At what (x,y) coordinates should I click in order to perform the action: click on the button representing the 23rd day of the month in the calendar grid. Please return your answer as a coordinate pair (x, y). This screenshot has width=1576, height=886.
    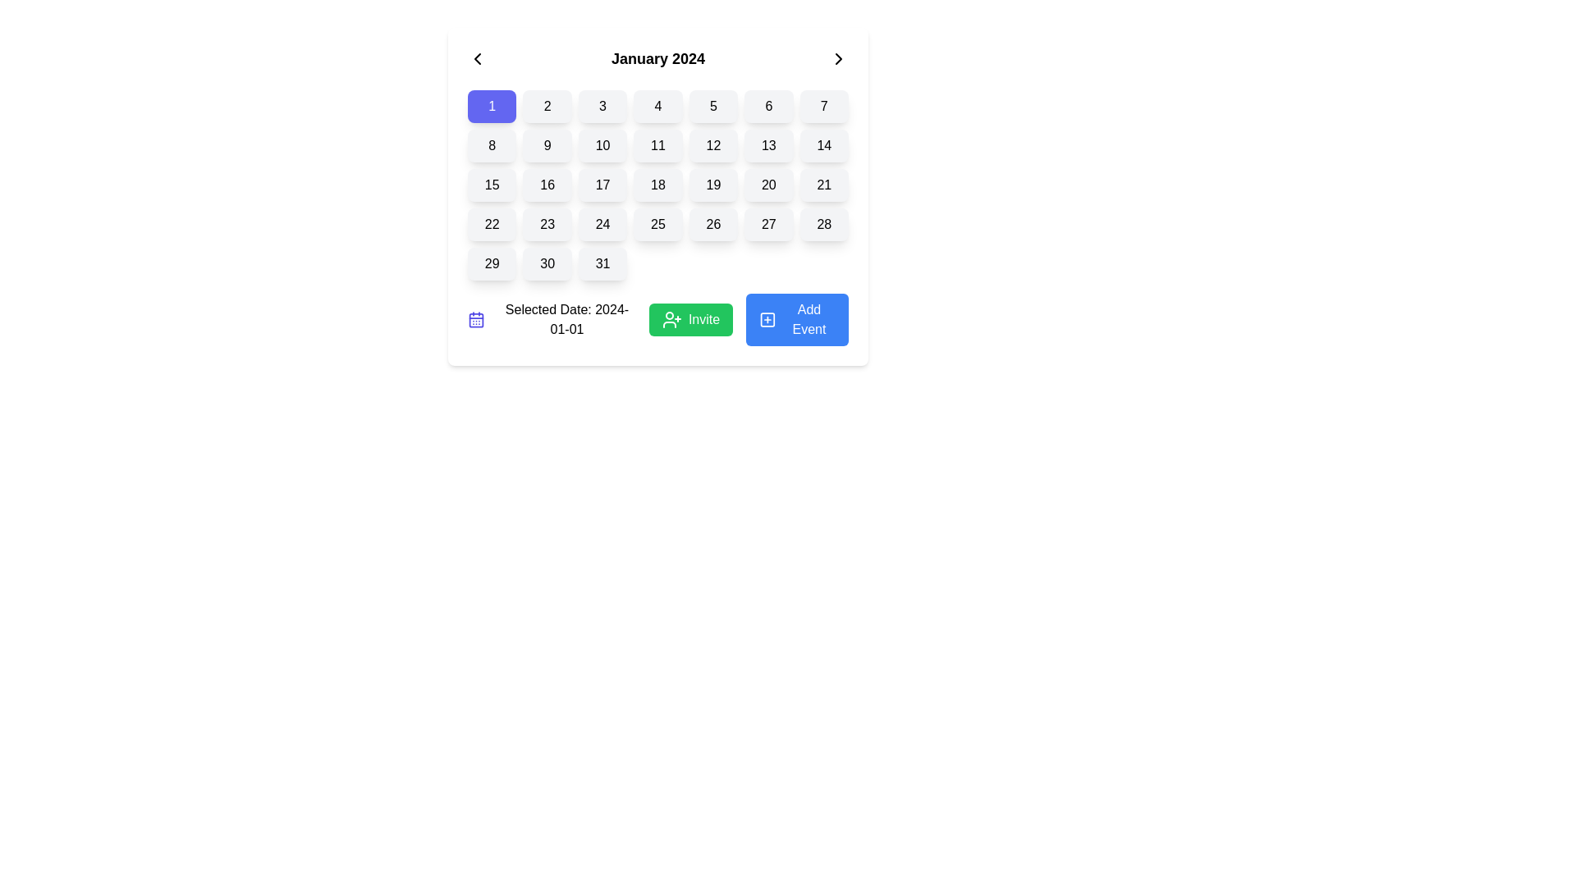
    Looking at the image, I should click on (547, 224).